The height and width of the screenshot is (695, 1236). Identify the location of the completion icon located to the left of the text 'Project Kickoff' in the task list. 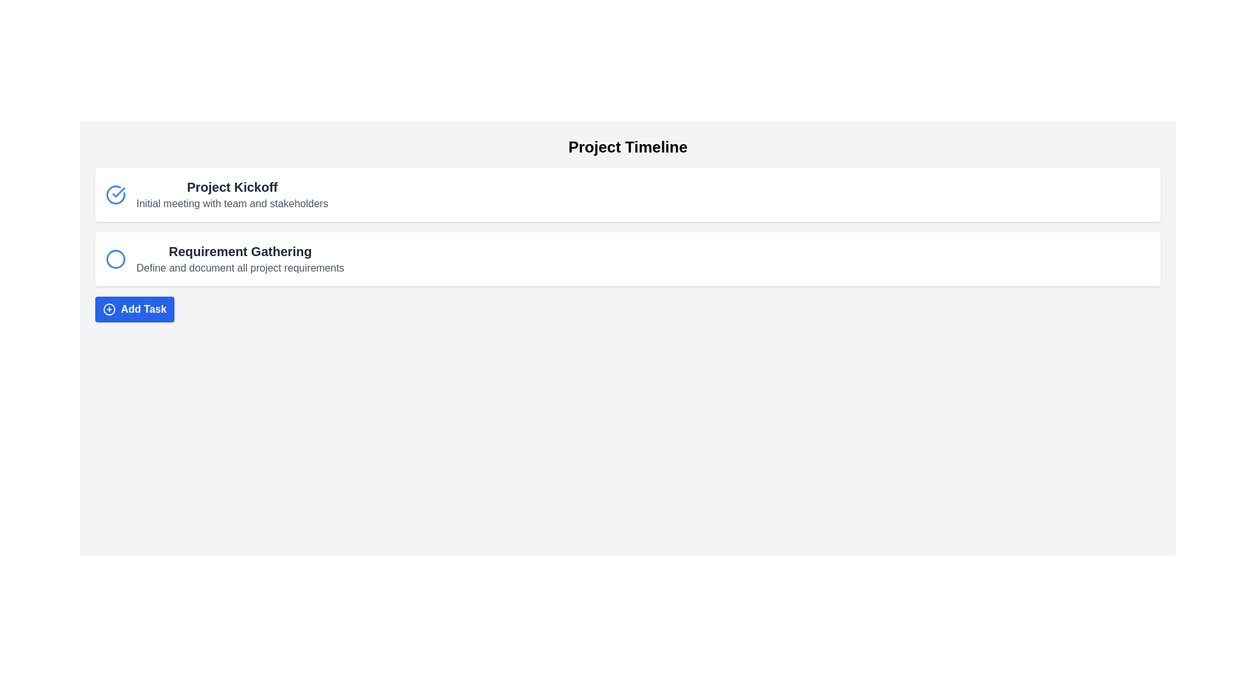
(118, 192).